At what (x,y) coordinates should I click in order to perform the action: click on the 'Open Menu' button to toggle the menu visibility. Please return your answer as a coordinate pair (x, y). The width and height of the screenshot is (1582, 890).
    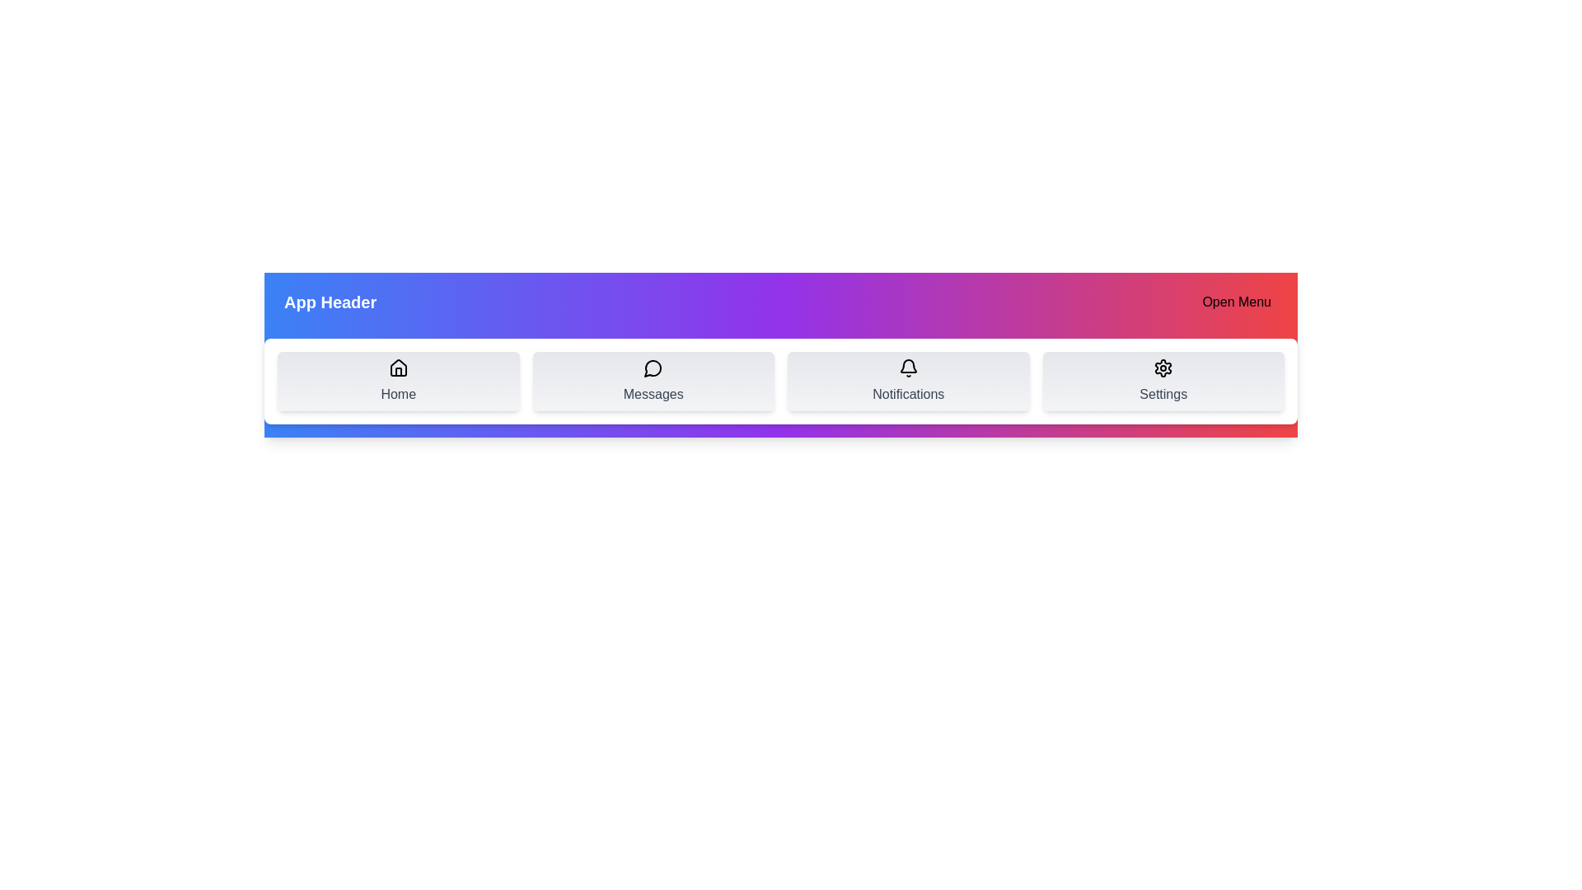
    Looking at the image, I should click on (1237, 302).